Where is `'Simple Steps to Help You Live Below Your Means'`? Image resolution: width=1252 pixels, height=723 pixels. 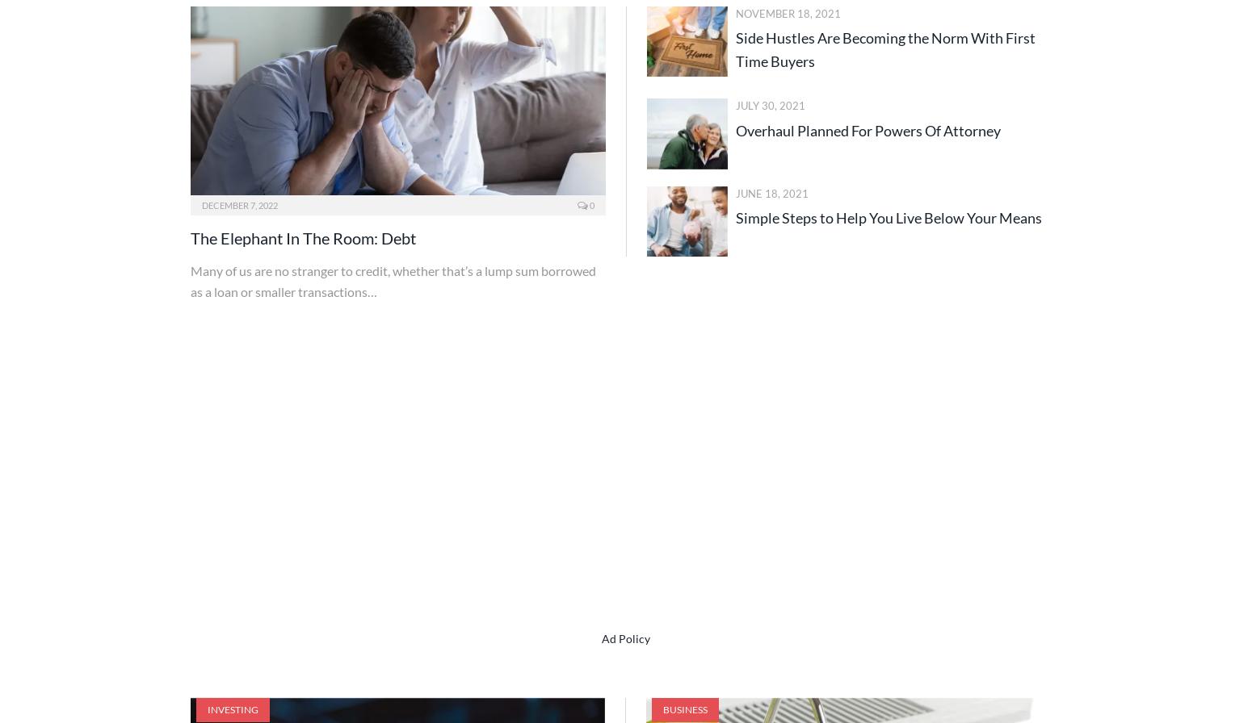
'Simple Steps to Help You Live Below Your Means' is located at coordinates (888, 216).